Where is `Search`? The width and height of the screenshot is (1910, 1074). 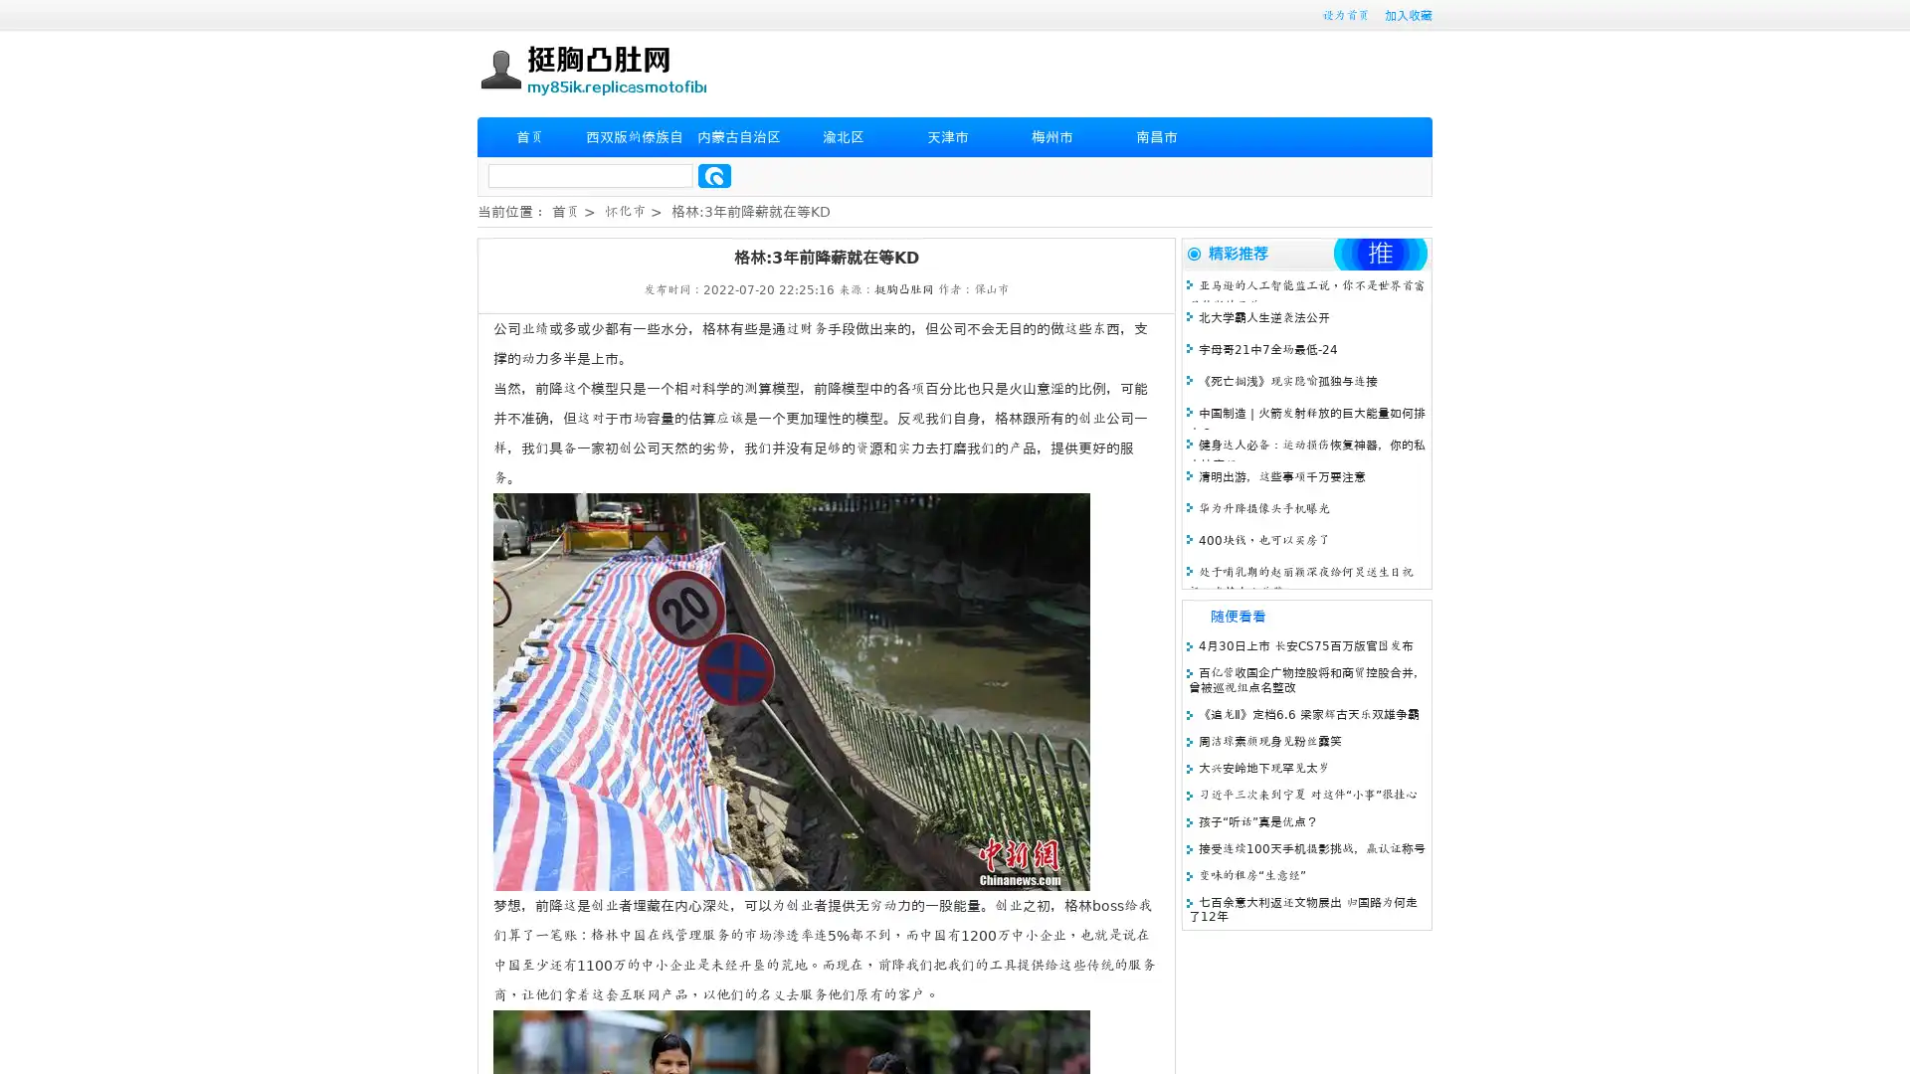
Search is located at coordinates (714, 175).